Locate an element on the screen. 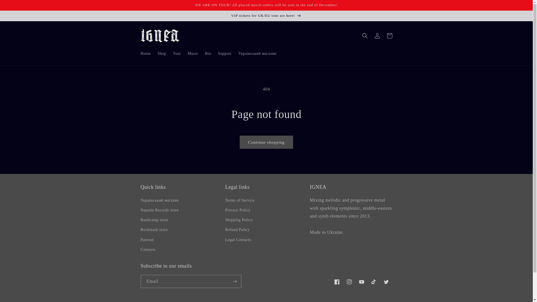 The width and height of the screenshot is (537, 302). 'Tour' is located at coordinates (176, 54).